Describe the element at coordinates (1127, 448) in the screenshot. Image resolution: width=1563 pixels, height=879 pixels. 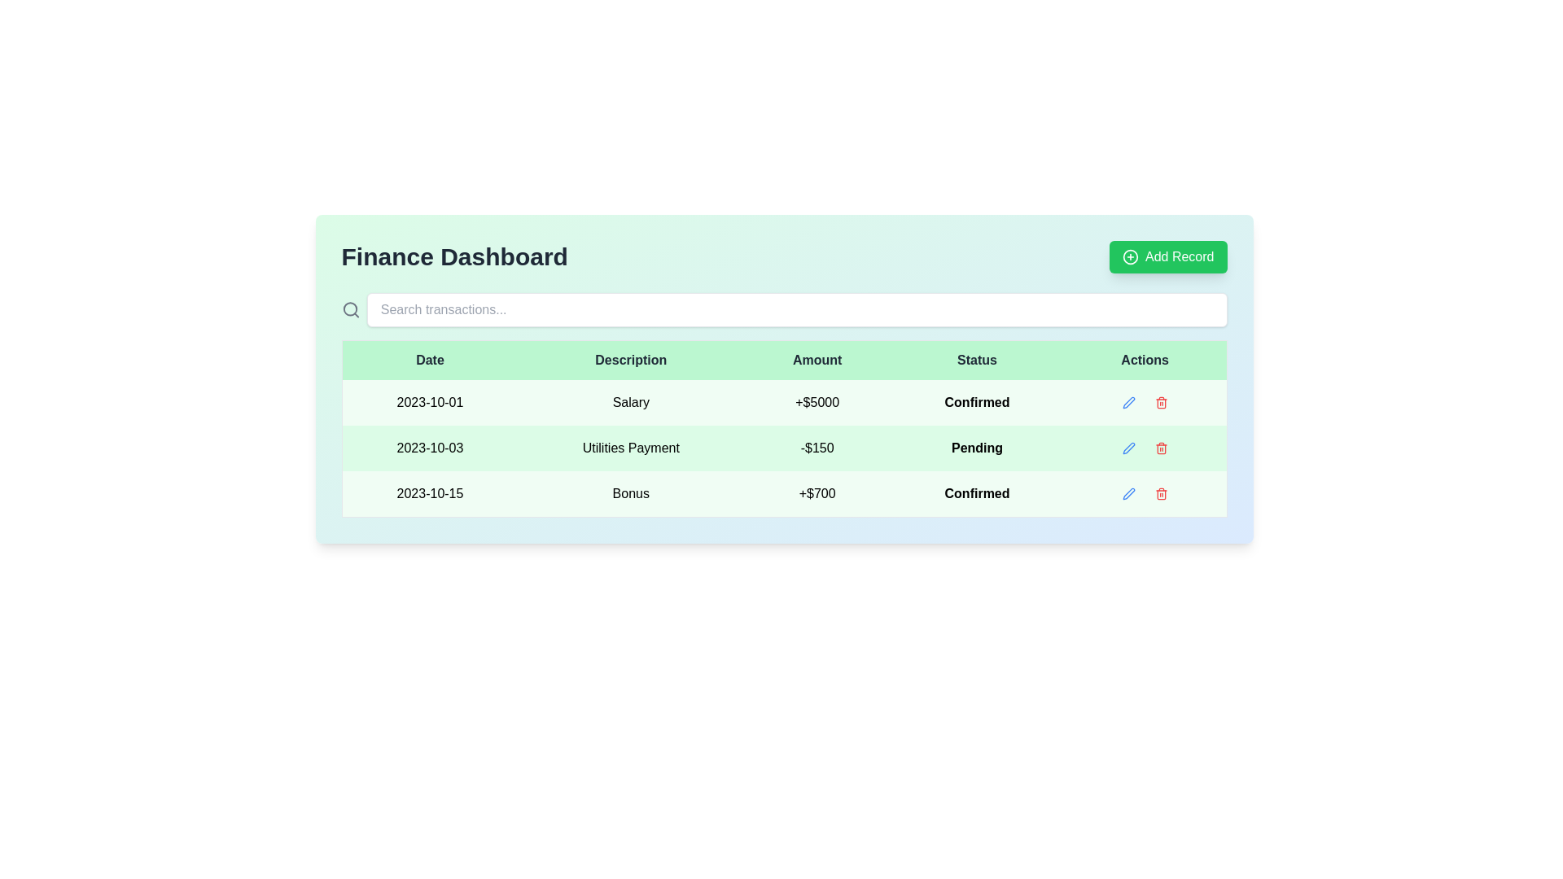
I see `the edit button (pen symbol) in the 'Actions' column for the second row of the transaction table to initiate editing` at that location.